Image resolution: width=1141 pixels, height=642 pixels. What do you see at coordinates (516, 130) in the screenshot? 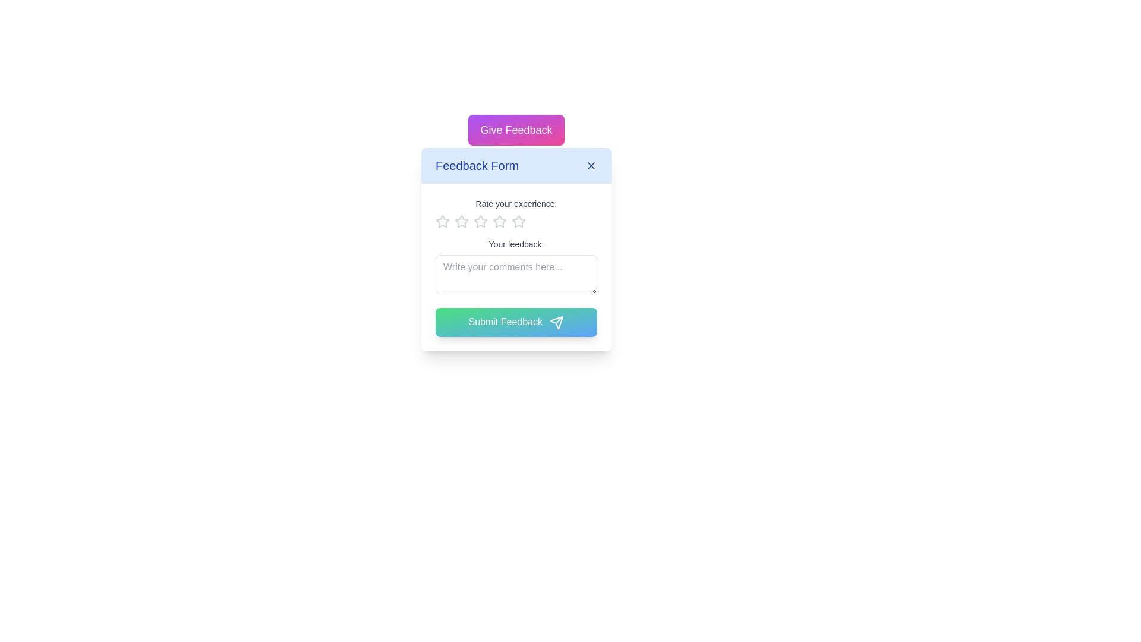
I see `the prominent gradient button labeled 'Give Feedback' located at the top center of the interface` at bounding box center [516, 130].